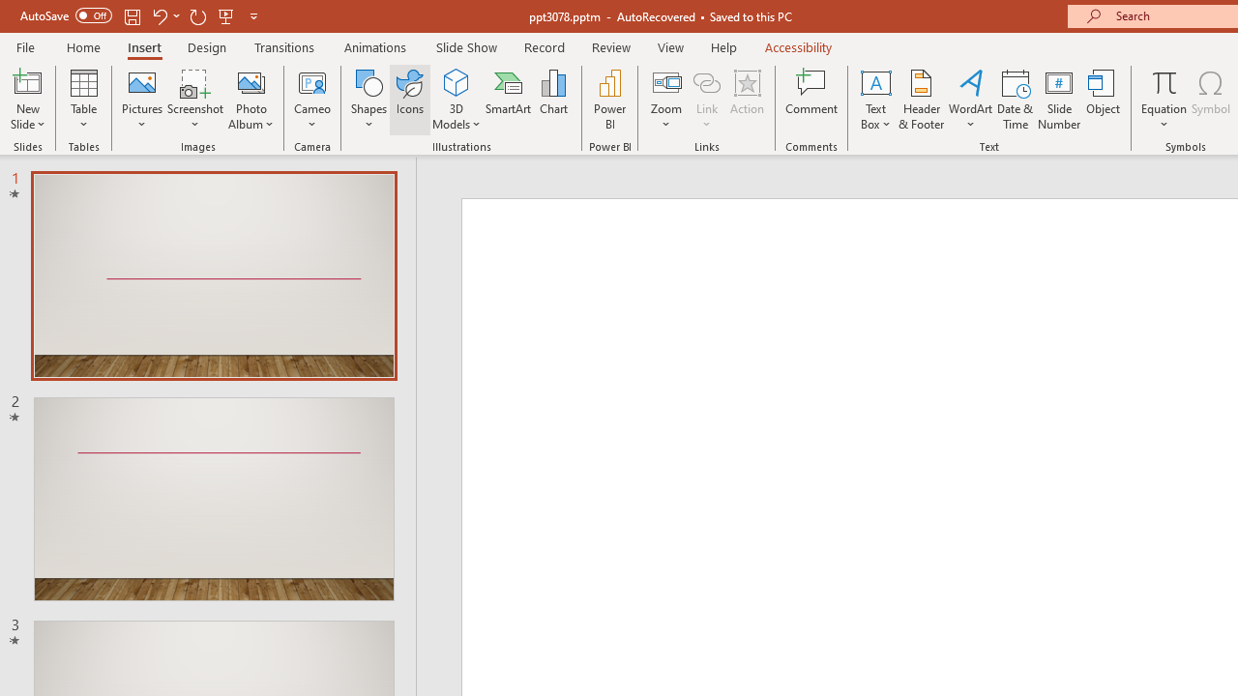 Image resolution: width=1238 pixels, height=696 pixels. Describe the element at coordinates (874, 81) in the screenshot. I see `'Draw Horizontal Text Box'` at that location.